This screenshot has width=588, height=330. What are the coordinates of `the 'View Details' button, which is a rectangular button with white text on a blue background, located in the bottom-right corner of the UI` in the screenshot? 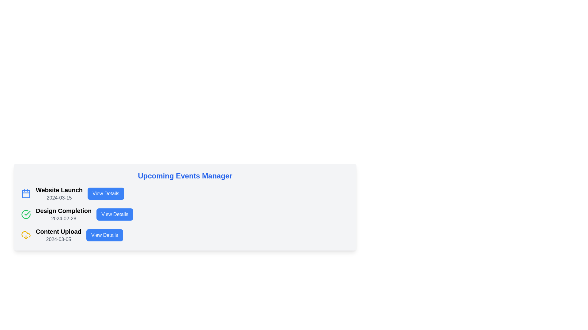 It's located at (104, 235).